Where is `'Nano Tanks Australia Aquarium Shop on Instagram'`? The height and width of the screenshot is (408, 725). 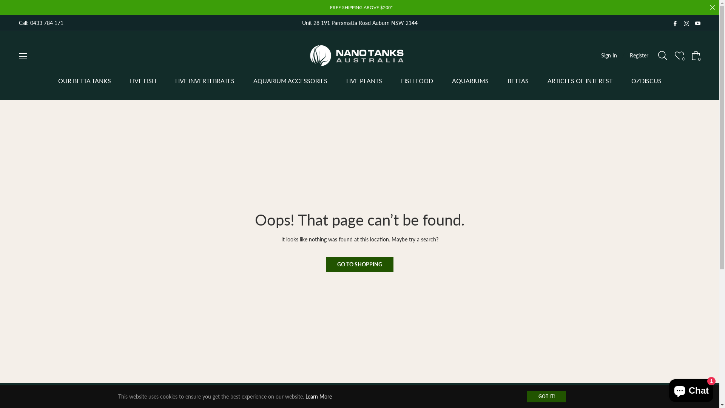 'Nano Tanks Australia Aquarium Shop on Instagram' is located at coordinates (686, 22).